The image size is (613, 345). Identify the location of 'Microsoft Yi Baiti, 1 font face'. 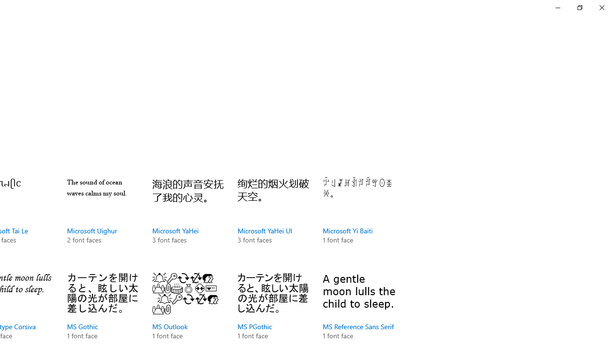
(358, 220).